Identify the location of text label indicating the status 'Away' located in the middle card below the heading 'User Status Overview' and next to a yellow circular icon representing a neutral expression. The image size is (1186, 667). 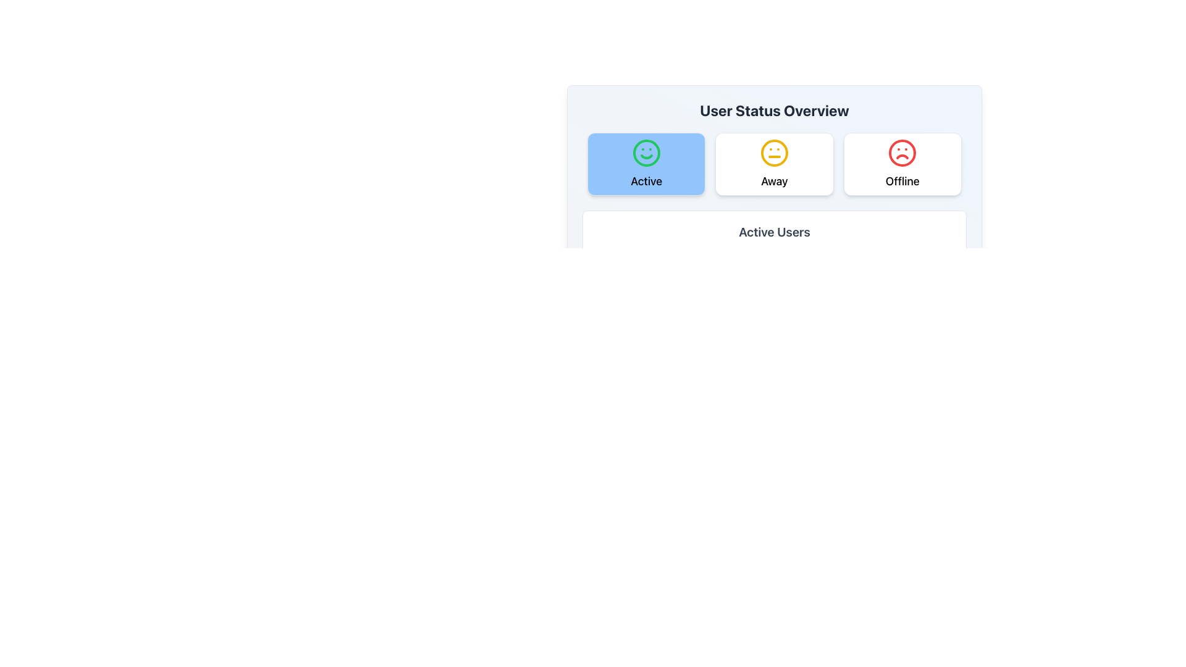
(773, 181).